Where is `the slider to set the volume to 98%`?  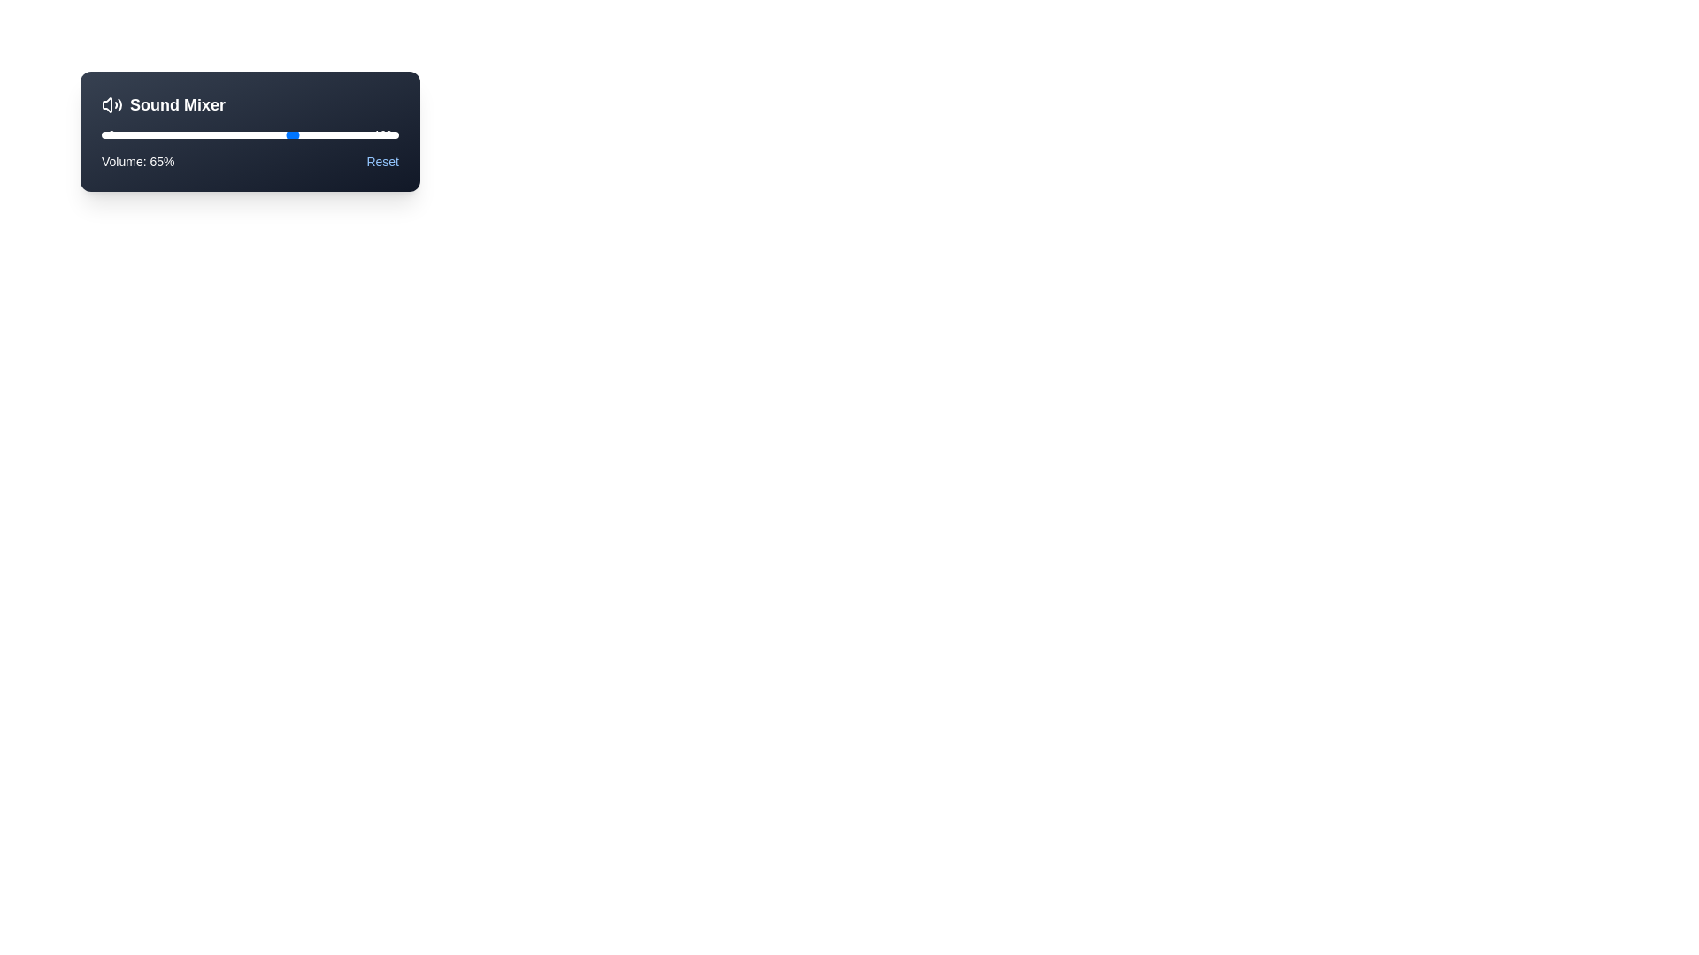
the slider to set the volume to 98% is located at coordinates (392, 134).